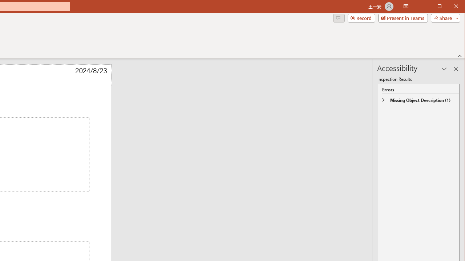  Describe the element at coordinates (450, 7) in the screenshot. I see `'Maximize'` at that location.